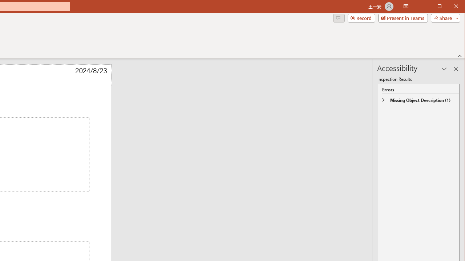  Describe the element at coordinates (450, 7) in the screenshot. I see `'Maximize'` at that location.